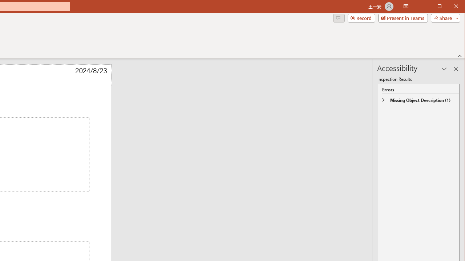  Describe the element at coordinates (450, 7) in the screenshot. I see `'Maximize'` at that location.